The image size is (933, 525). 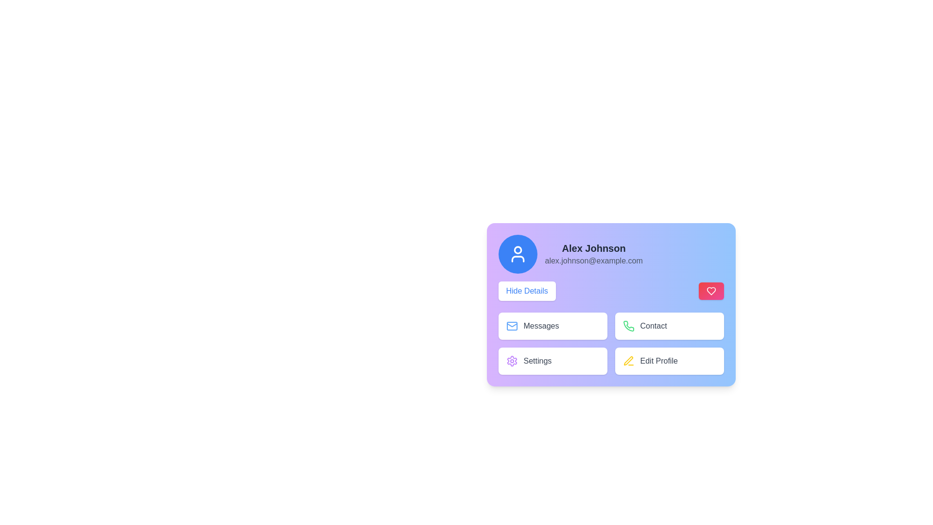 I want to click on the user profile icon, which is centrally located within a circular blue background area at the top left of the card, above the user's name and email address, so click(x=517, y=254).